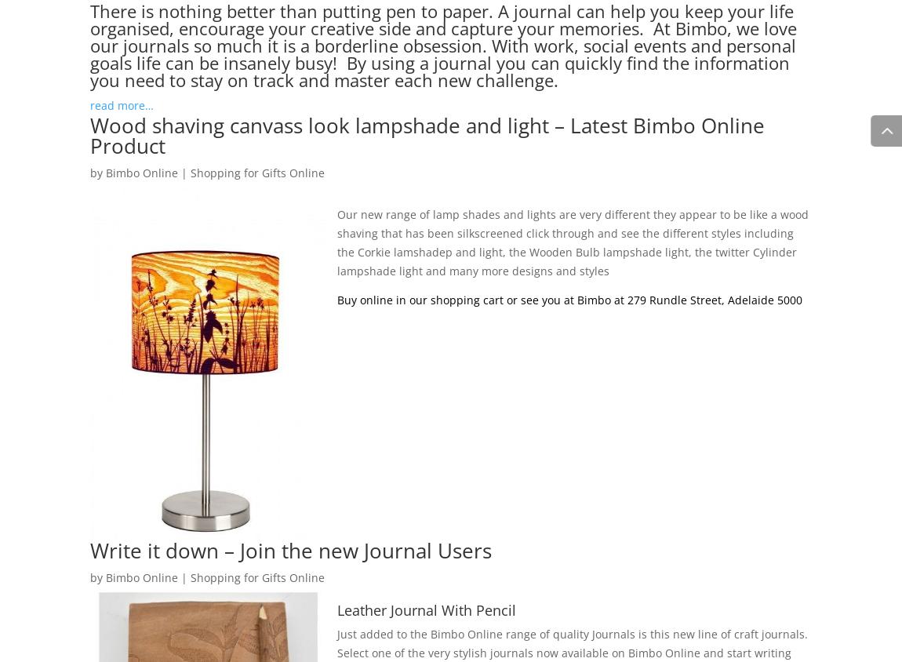 This screenshot has height=662, width=902. What do you see at coordinates (89, 135) in the screenshot?
I see `'Wood shaving canvass look lampshade and light – Latest Bimbo Online Product'` at bounding box center [89, 135].